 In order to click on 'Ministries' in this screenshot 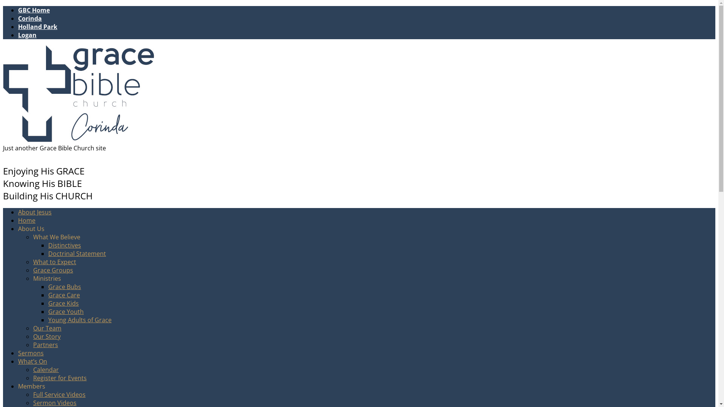, I will do `click(46, 278)`.